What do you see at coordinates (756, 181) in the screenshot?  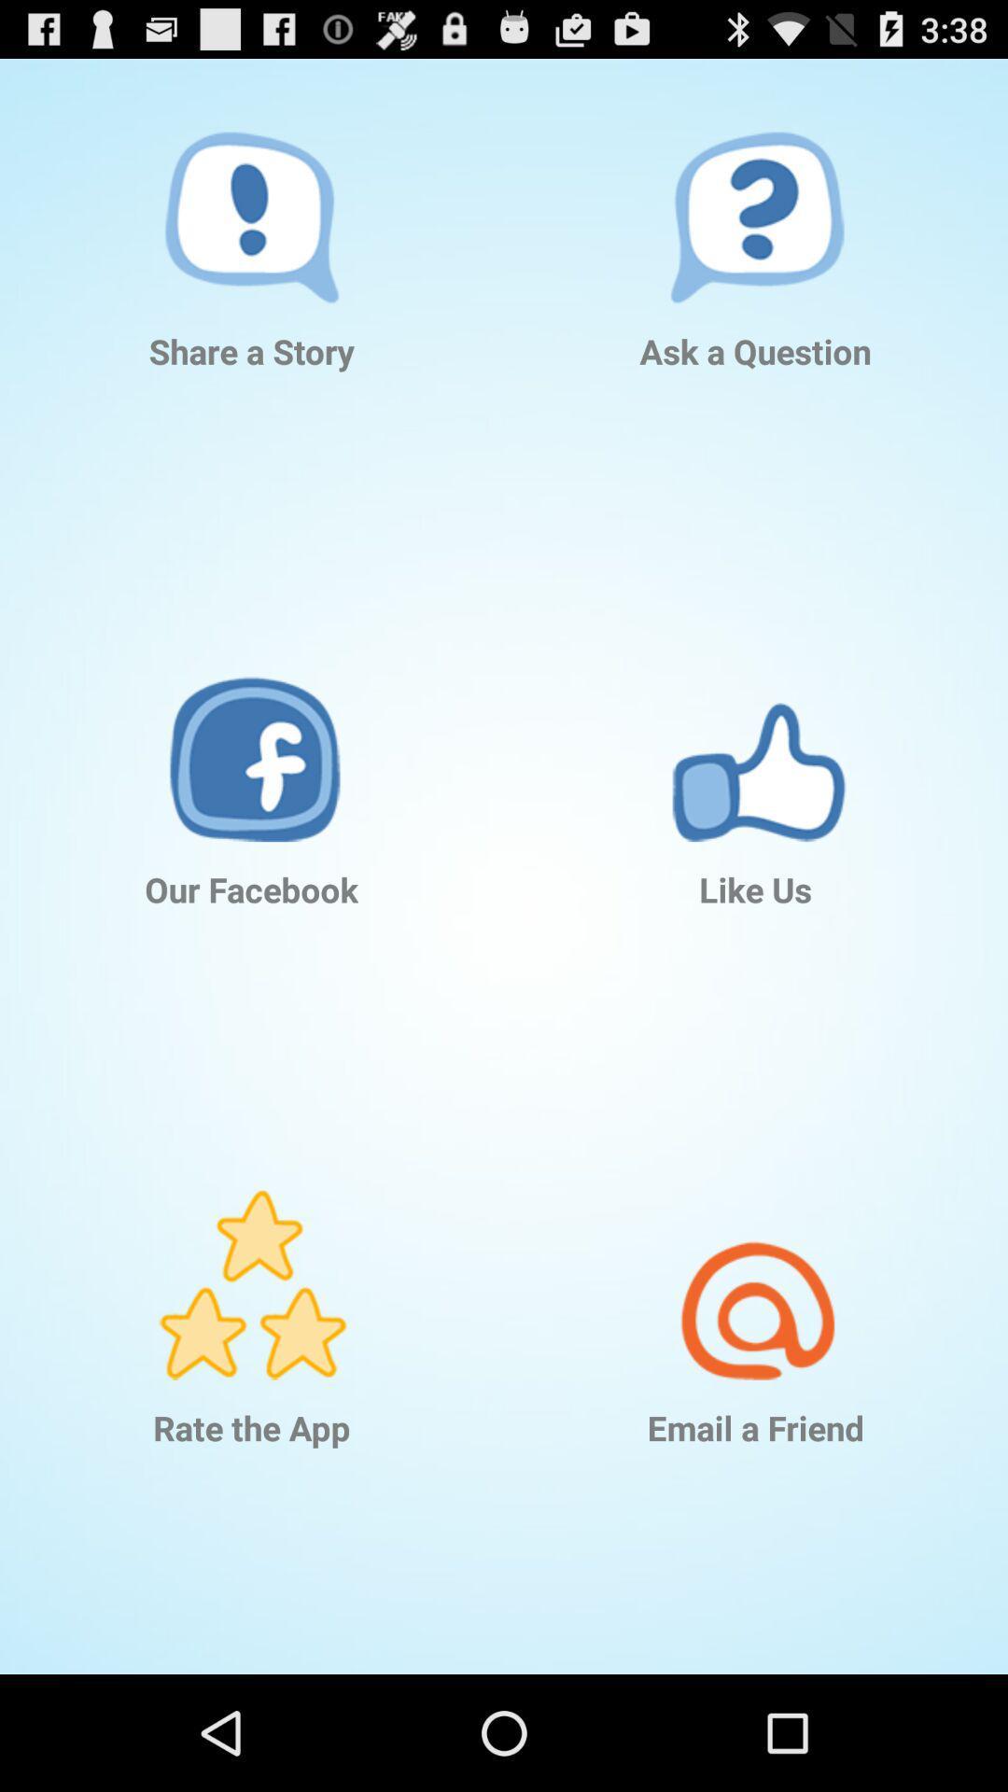 I see `the first option from the right top` at bounding box center [756, 181].